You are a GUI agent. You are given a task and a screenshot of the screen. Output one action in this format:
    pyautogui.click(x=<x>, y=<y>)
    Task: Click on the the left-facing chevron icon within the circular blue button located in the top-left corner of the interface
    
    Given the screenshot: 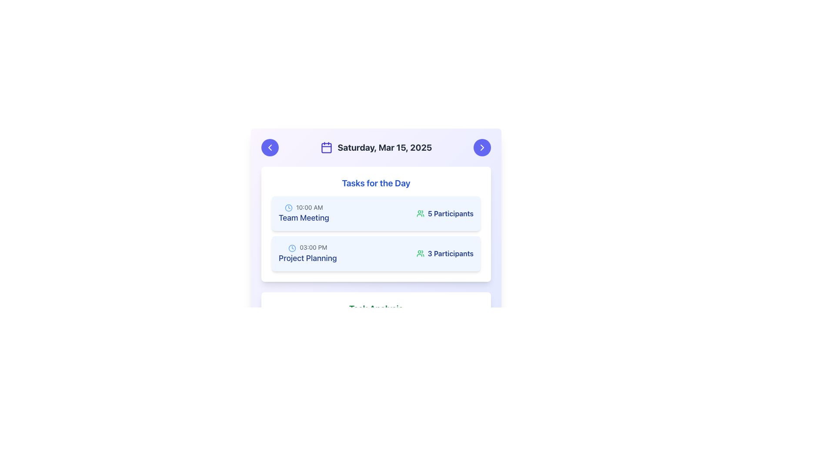 What is the action you would take?
    pyautogui.click(x=269, y=147)
    